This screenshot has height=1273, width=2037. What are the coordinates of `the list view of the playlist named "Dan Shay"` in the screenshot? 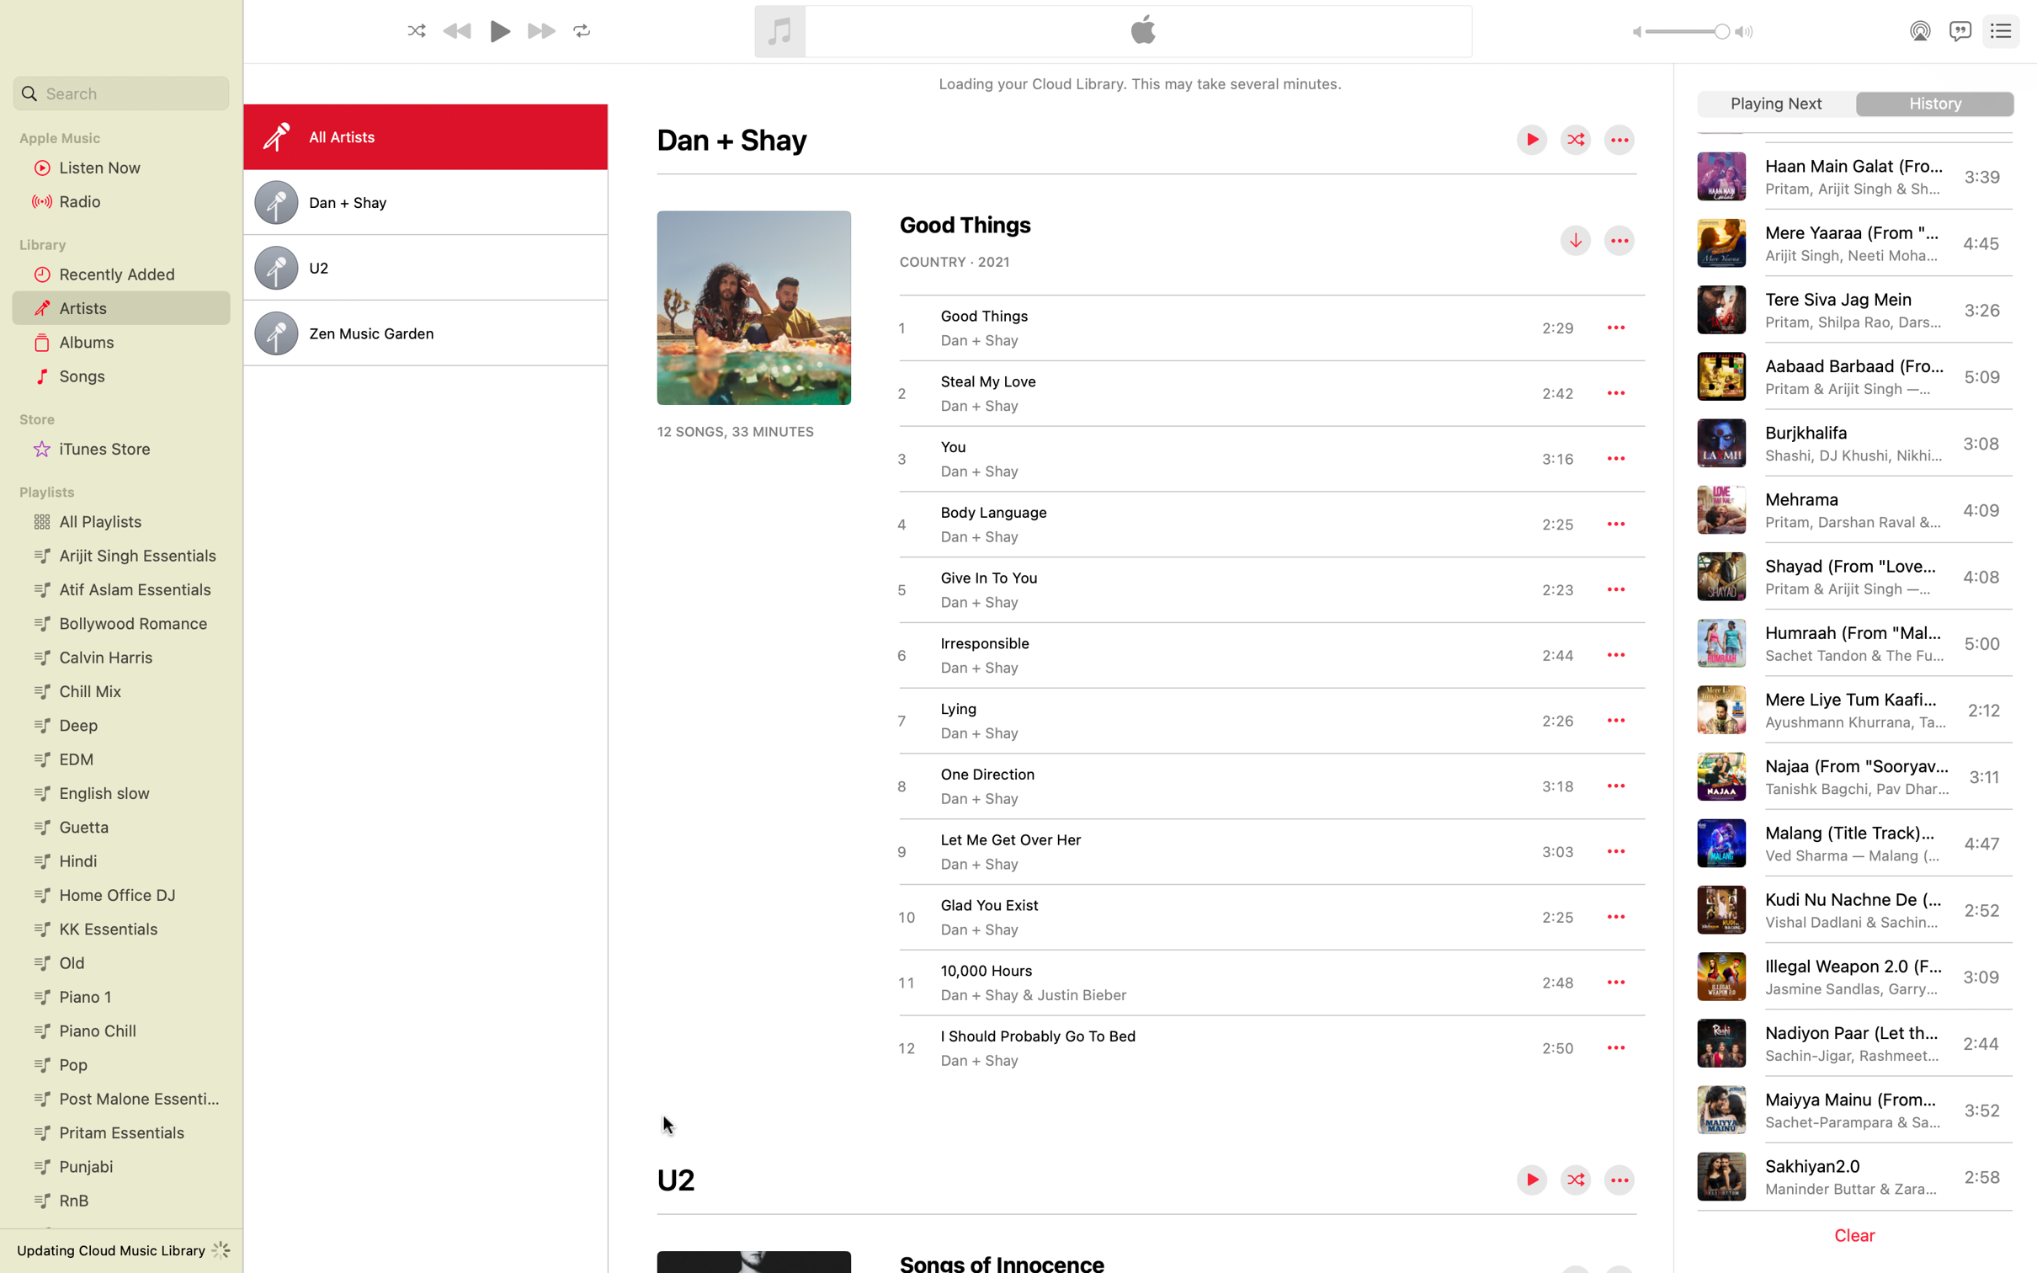 It's located at (424, 202).